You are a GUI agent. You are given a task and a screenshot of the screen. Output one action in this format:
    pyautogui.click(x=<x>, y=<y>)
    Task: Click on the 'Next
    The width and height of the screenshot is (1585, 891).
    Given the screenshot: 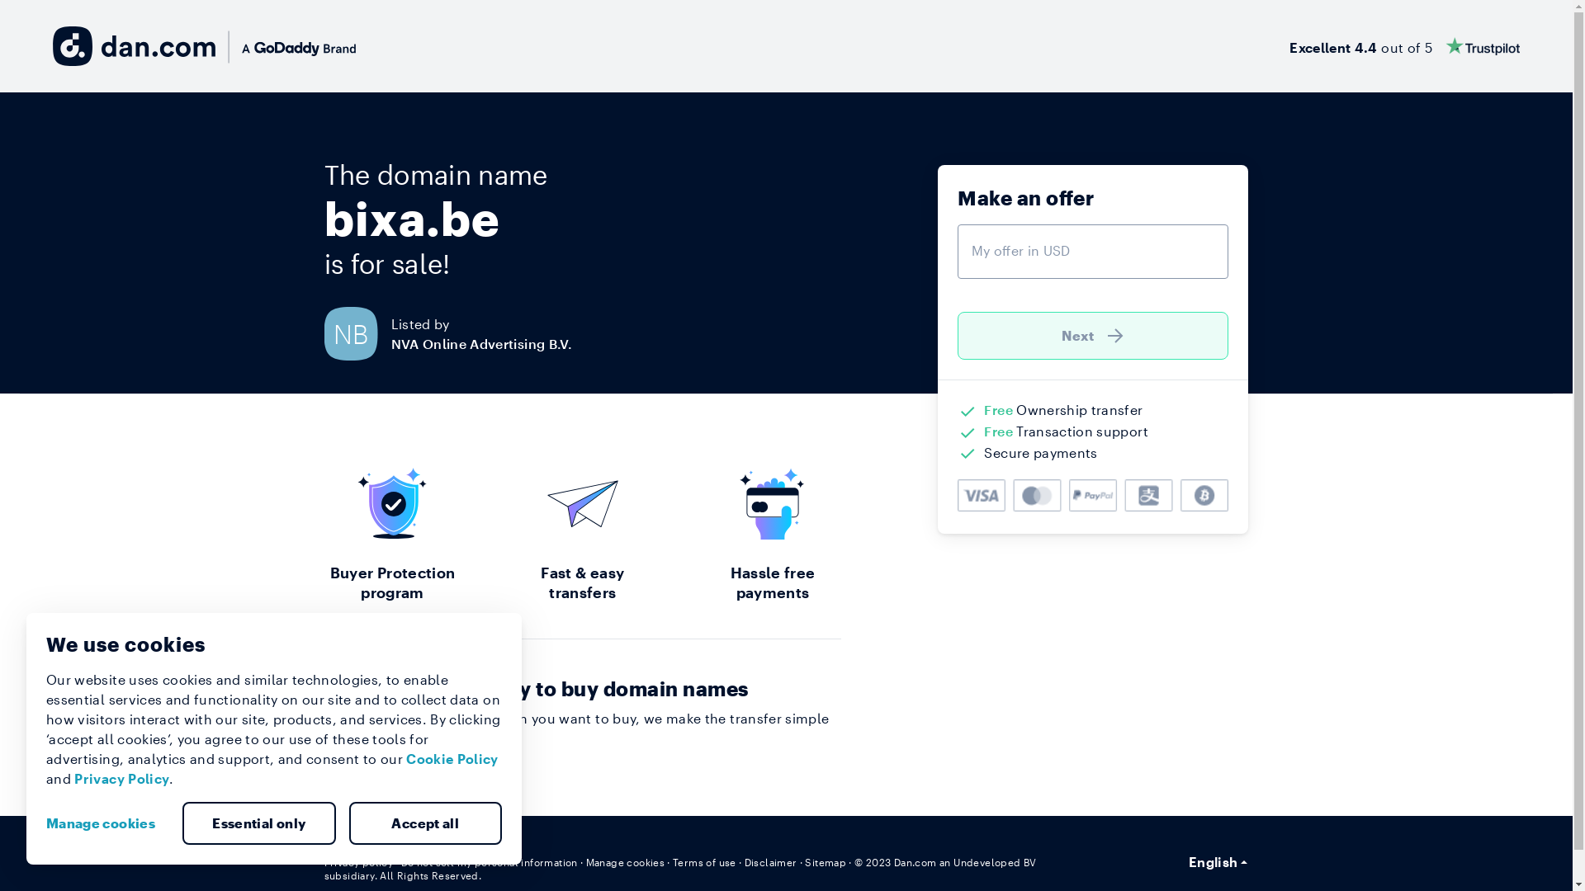 What is the action you would take?
    pyautogui.click(x=1093, y=335)
    